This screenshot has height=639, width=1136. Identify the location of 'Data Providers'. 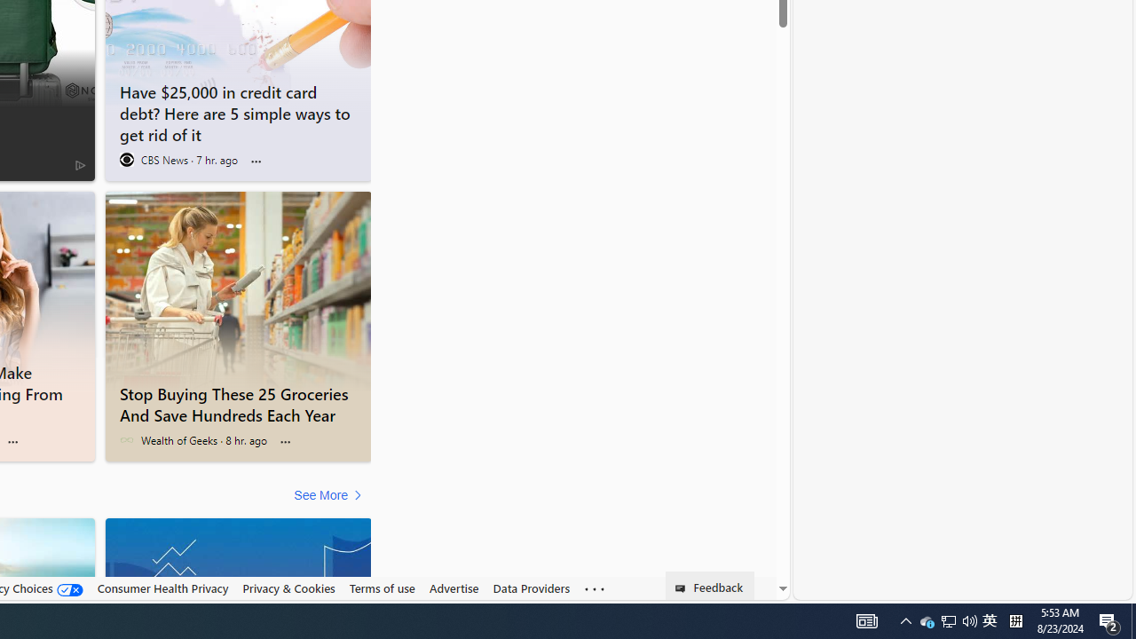
(531, 588).